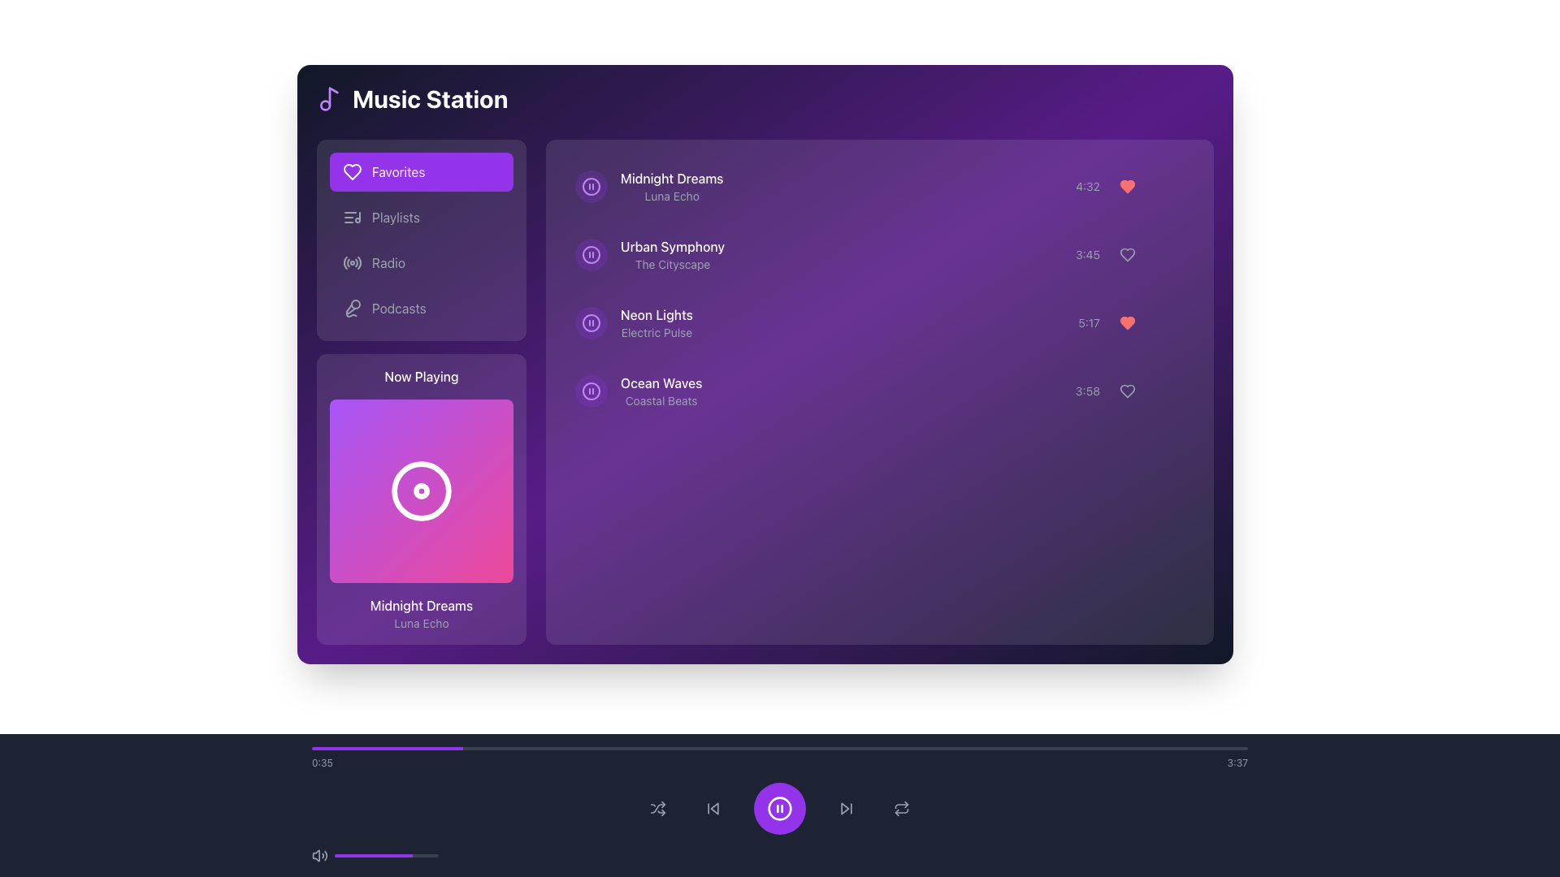  What do you see at coordinates (392, 854) in the screenshot?
I see `the slider value` at bounding box center [392, 854].